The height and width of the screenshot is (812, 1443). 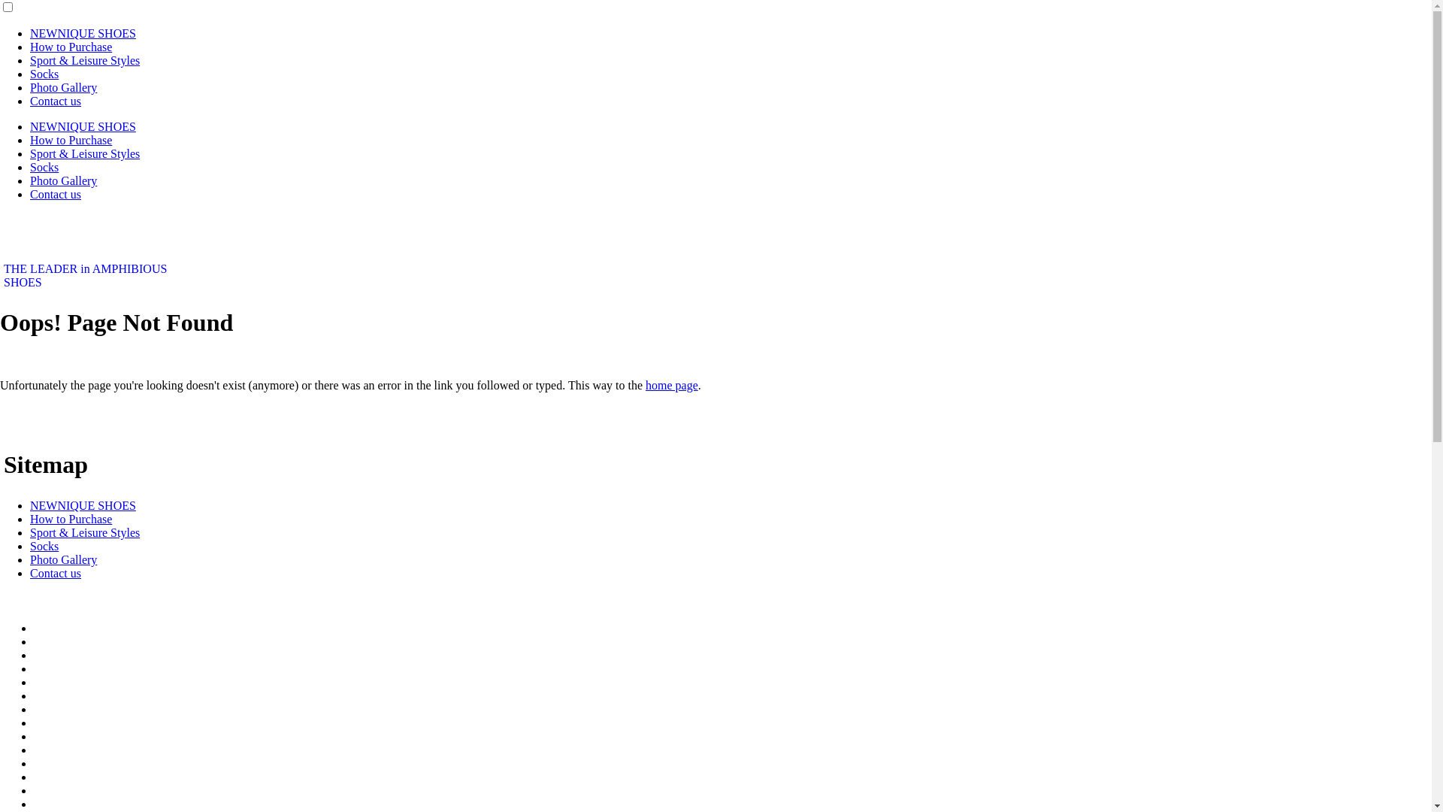 I want to click on 'Sport & Leisure Styles', so click(x=84, y=59).